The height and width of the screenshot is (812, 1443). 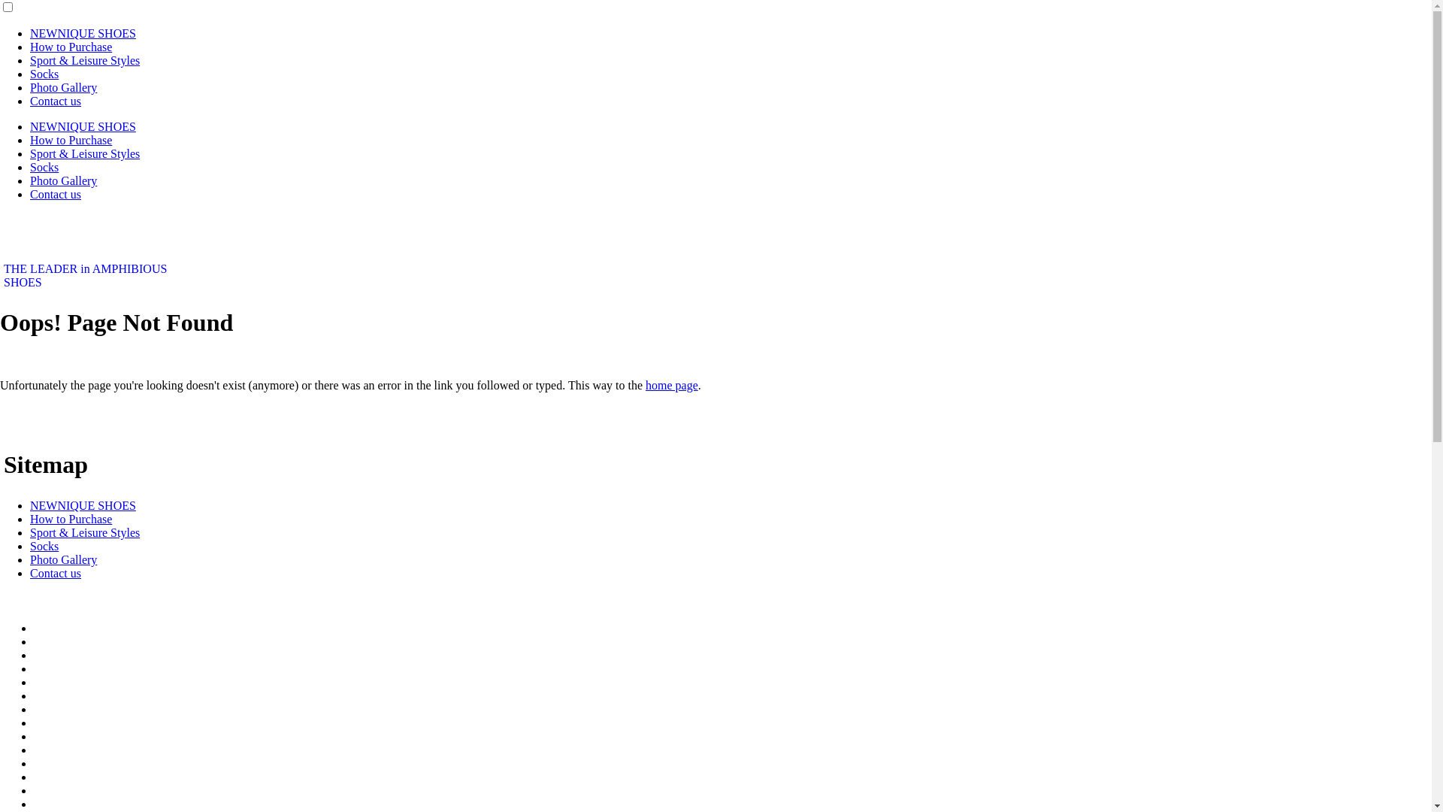 I want to click on 'Sport & Leisure Styles', so click(x=84, y=59).